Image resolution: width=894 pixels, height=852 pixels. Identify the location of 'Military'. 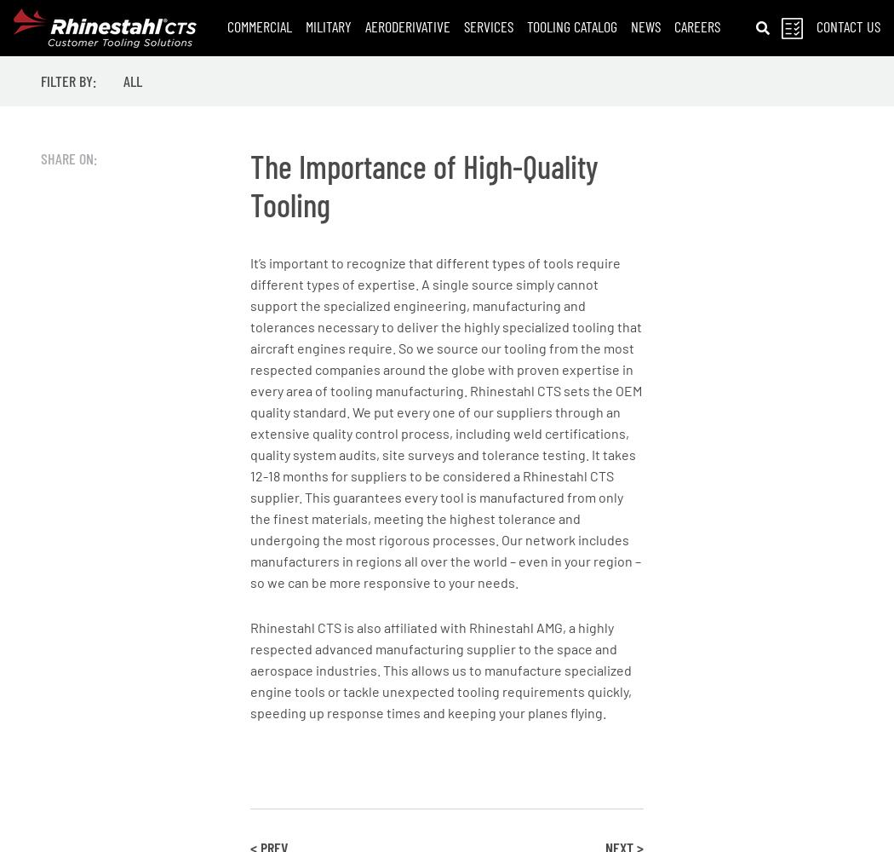
(328, 26).